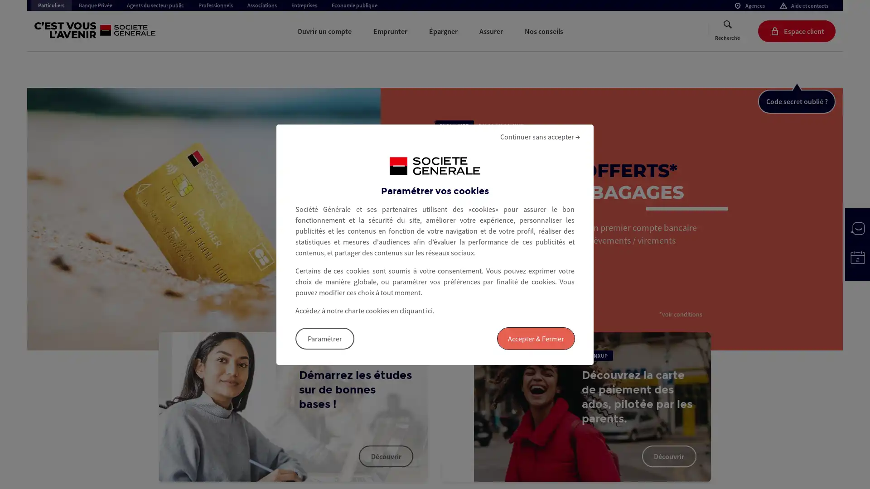  Describe the element at coordinates (575, 406) in the screenshot. I see `BANXUP Decouvrez la carte de paiement des ados, pilotee par les parents. Decouvrir Decouvrez la carte de paiement des ados, pilotee par les parents. Decouvrez la carte de paiement des ados, pilotee par les parents.` at that location.